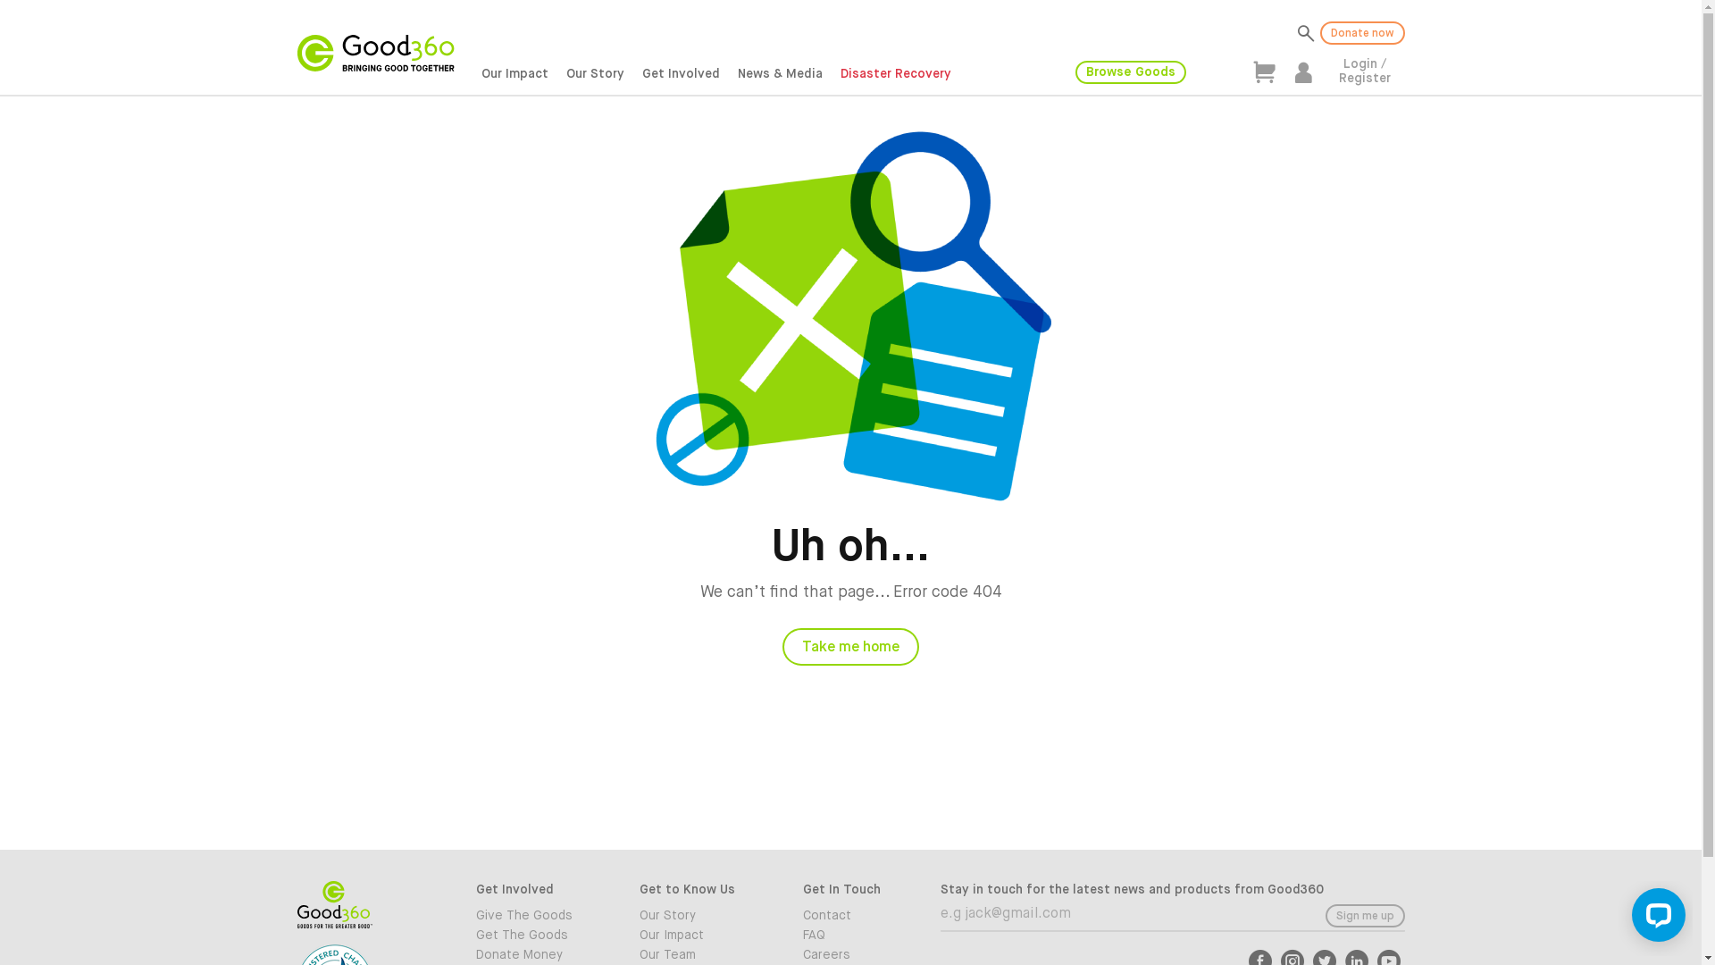 This screenshot has height=965, width=1715. Describe the element at coordinates (1320, 33) in the screenshot. I see `'Donate now'` at that location.